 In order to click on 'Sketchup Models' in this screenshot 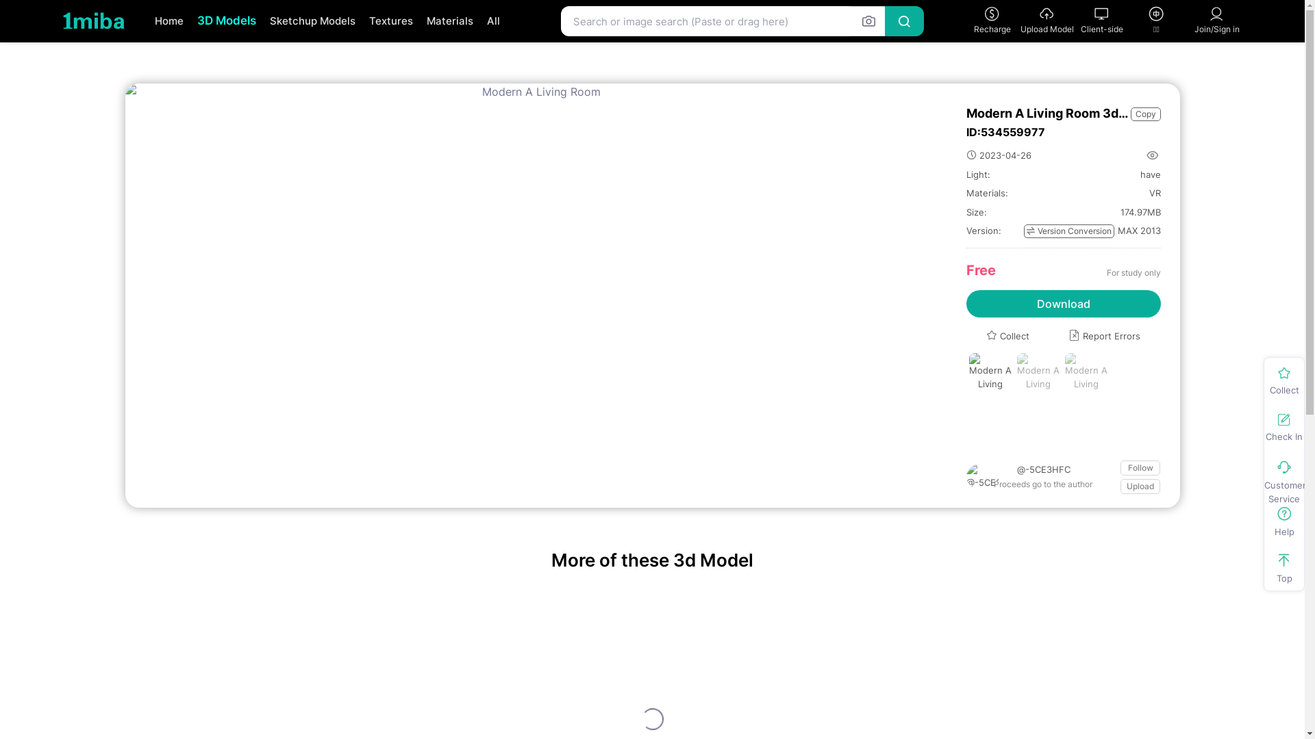, I will do `click(312, 21)`.